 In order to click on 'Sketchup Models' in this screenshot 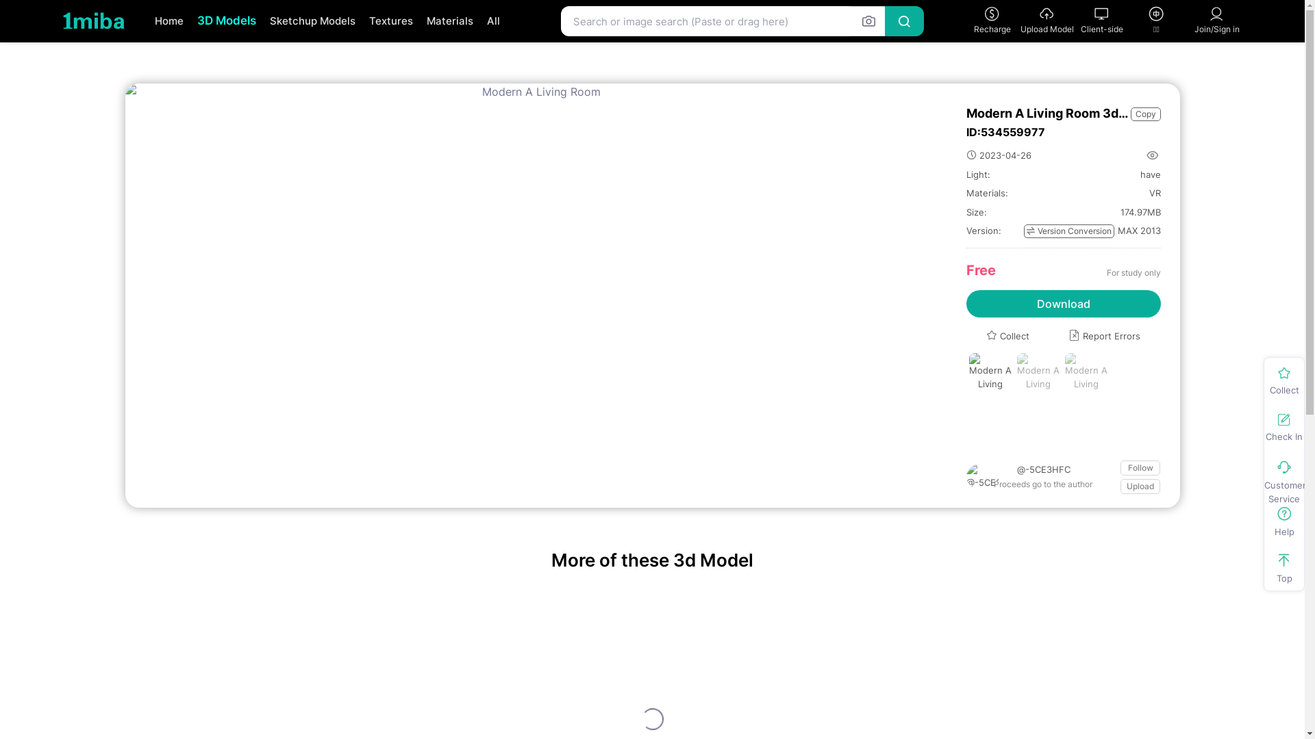, I will do `click(312, 21)`.